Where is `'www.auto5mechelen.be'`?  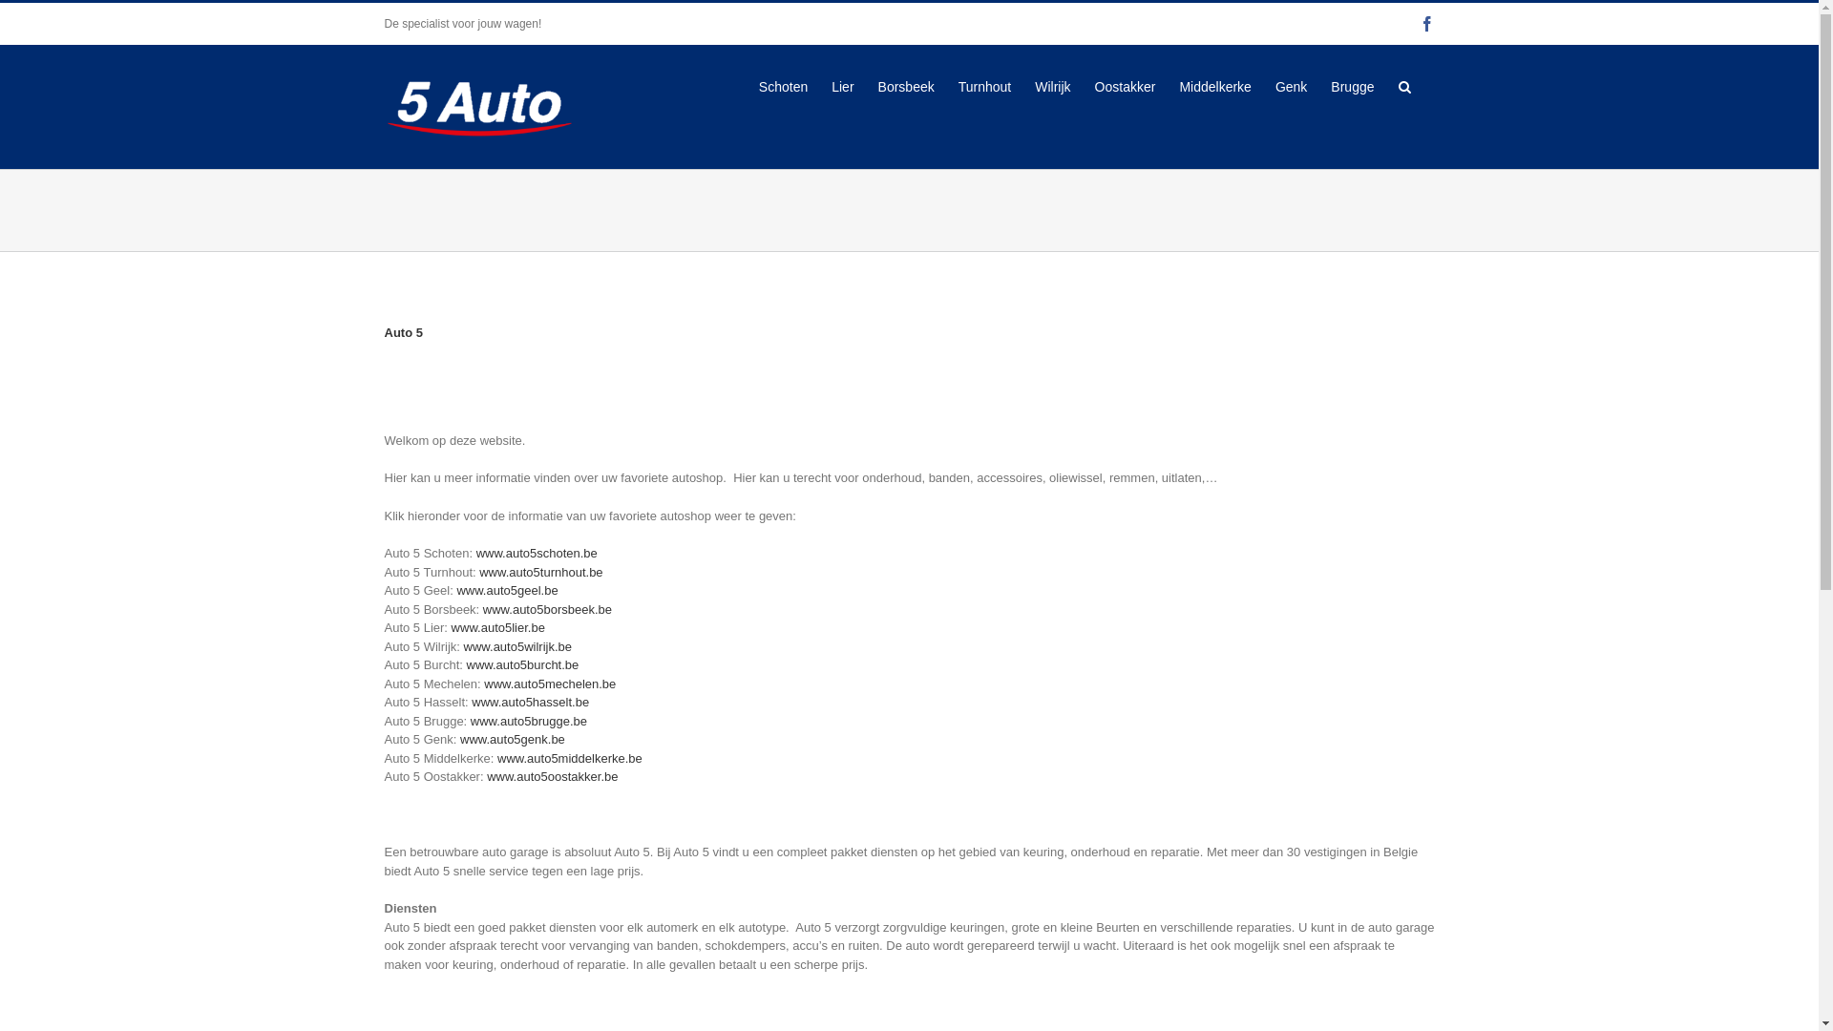 'www.auto5mechelen.be' is located at coordinates (549, 682).